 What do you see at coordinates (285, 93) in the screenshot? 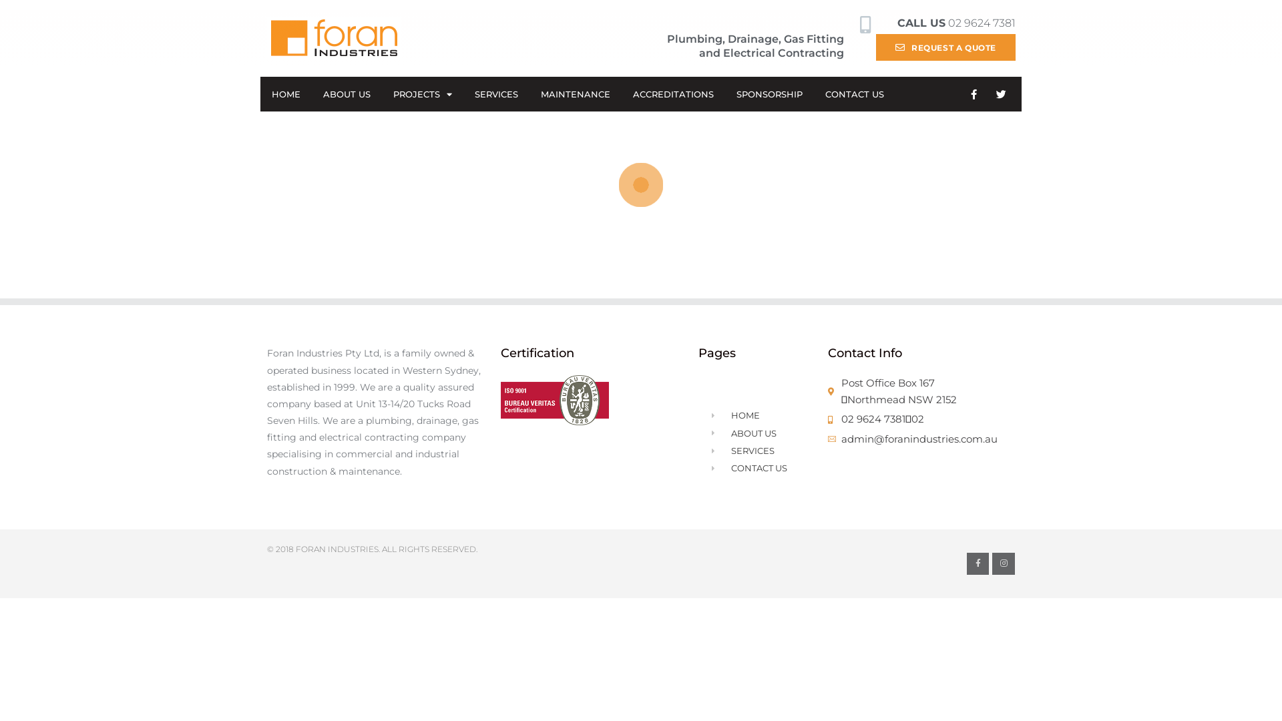
I see `'HOME'` at bounding box center [285, 93].